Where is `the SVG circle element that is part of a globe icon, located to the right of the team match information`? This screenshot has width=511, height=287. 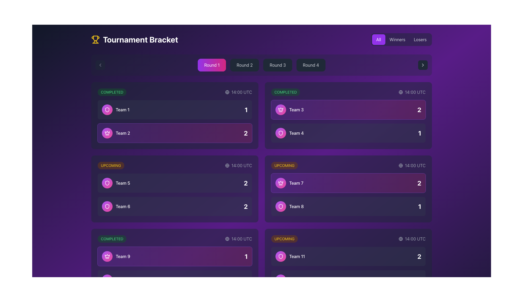
the SVG circle element that is part of a globe icon, located to the right of the team match information is located at coordinates (401, 165).